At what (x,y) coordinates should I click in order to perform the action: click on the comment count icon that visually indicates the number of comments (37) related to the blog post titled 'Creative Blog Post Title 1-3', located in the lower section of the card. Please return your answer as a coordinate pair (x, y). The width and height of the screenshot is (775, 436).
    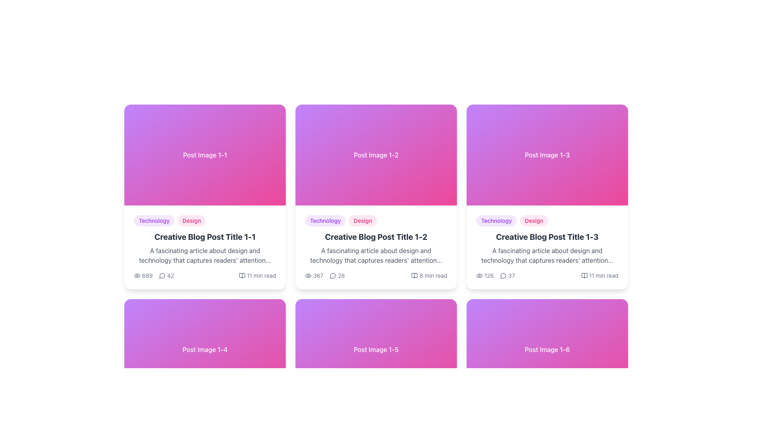
    Looking at the image, I should click on (503, 275).